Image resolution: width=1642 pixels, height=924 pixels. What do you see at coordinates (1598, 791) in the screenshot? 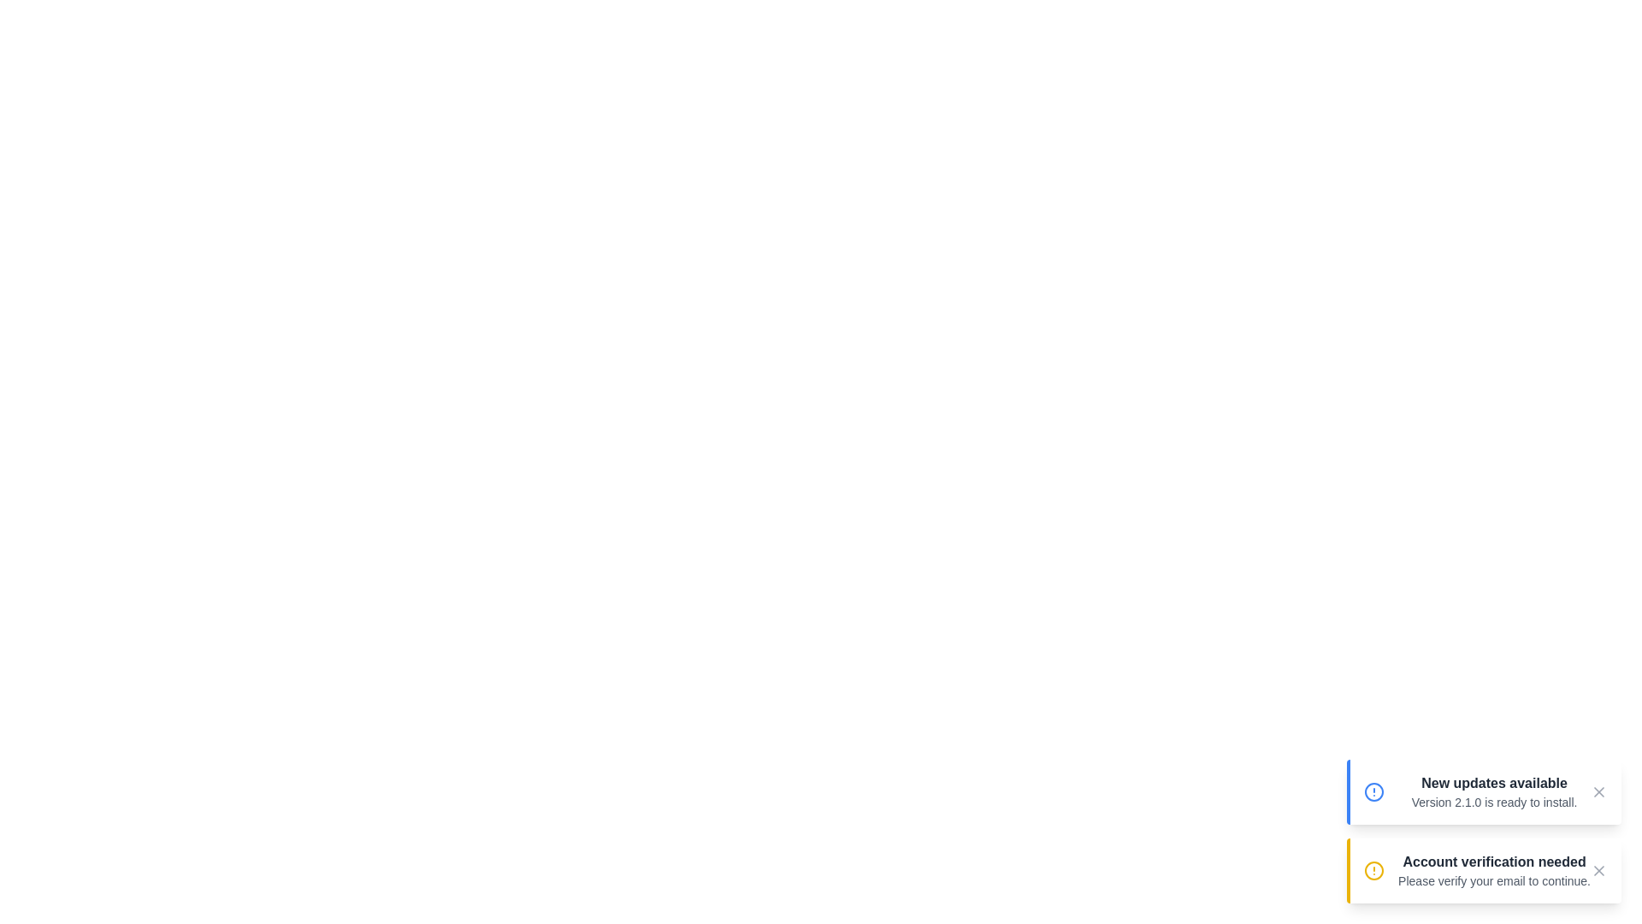
I see `the dismiss button for the notification titled 'New updates available'` at bounding box center [1598, 791].